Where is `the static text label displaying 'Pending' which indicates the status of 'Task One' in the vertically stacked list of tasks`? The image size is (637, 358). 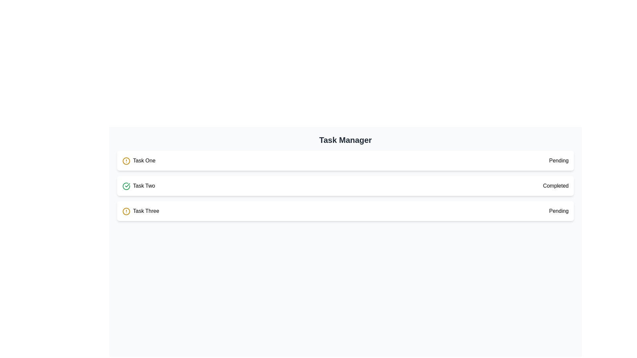
the static text label displaying 'Pending' which indicates the status of 'Task One' in the vertically stacked list of tasks is located at coordinates (558, 161).